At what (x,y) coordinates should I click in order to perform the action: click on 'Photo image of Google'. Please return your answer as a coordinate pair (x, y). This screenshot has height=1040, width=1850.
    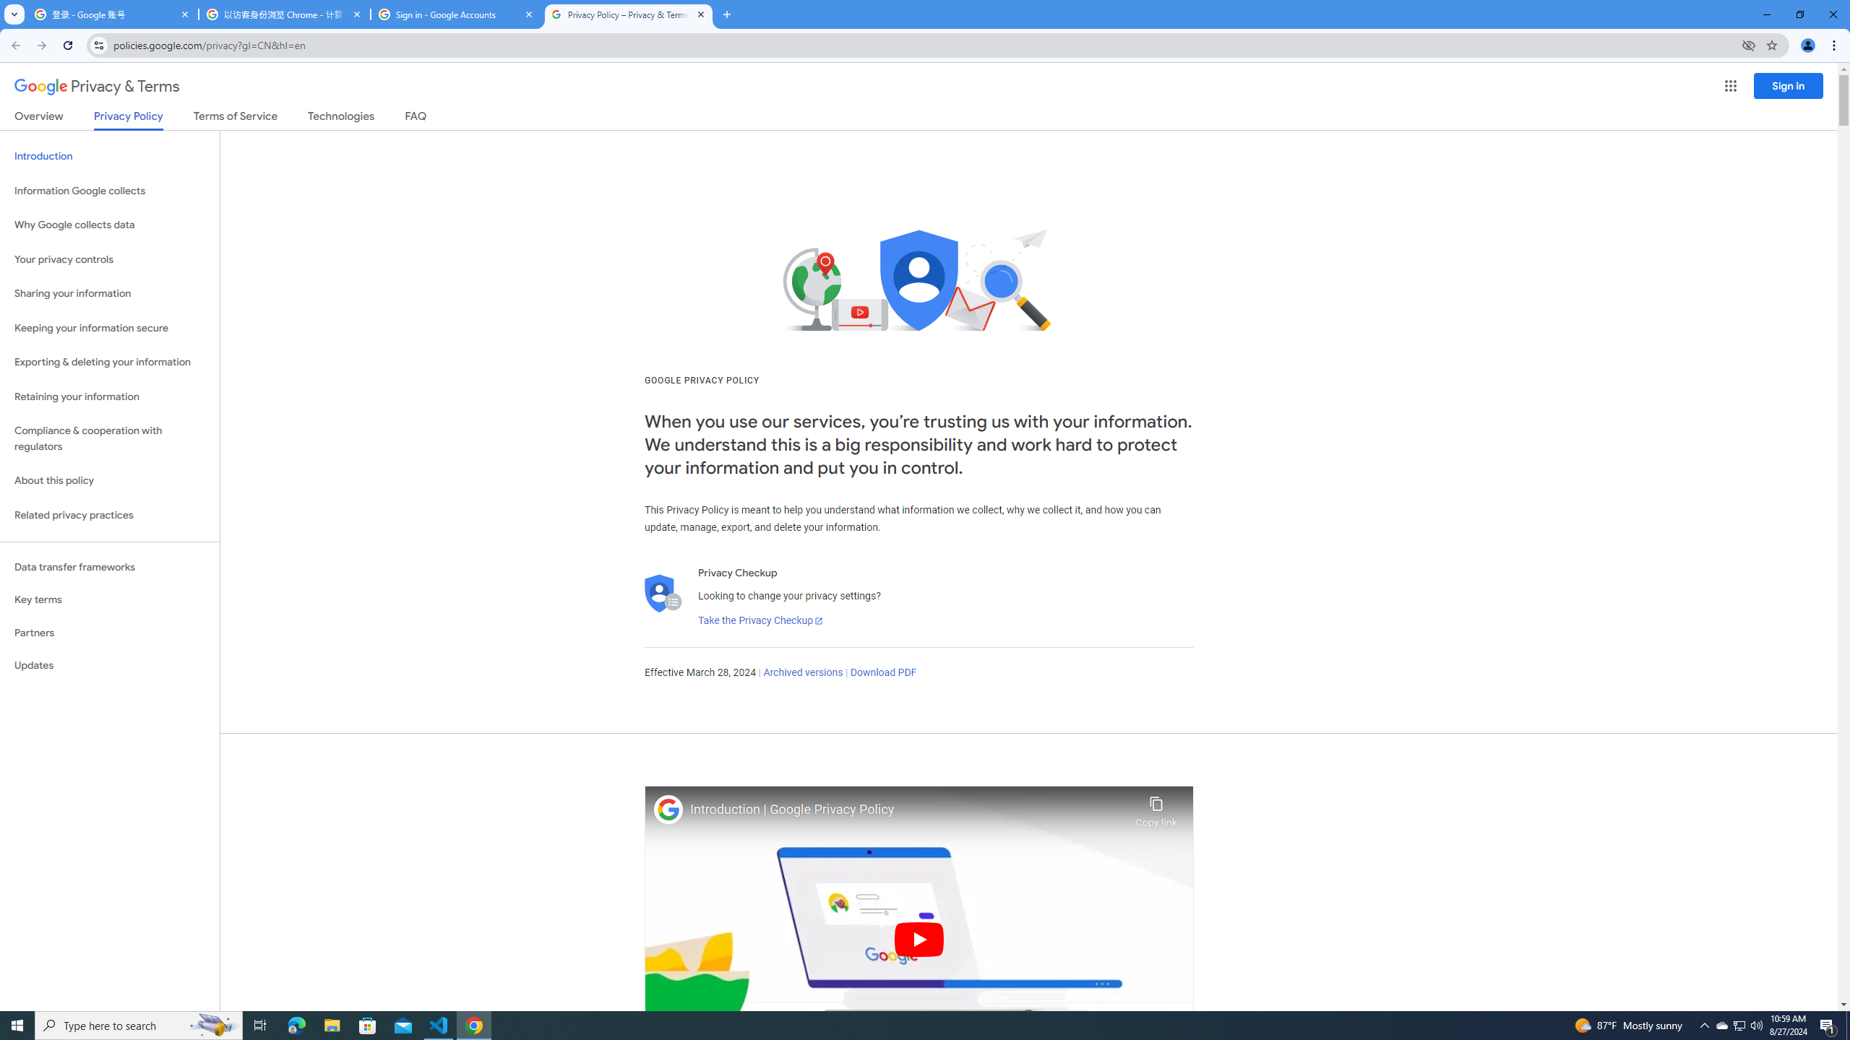
    Looking at the image, I should click on (668, 808).